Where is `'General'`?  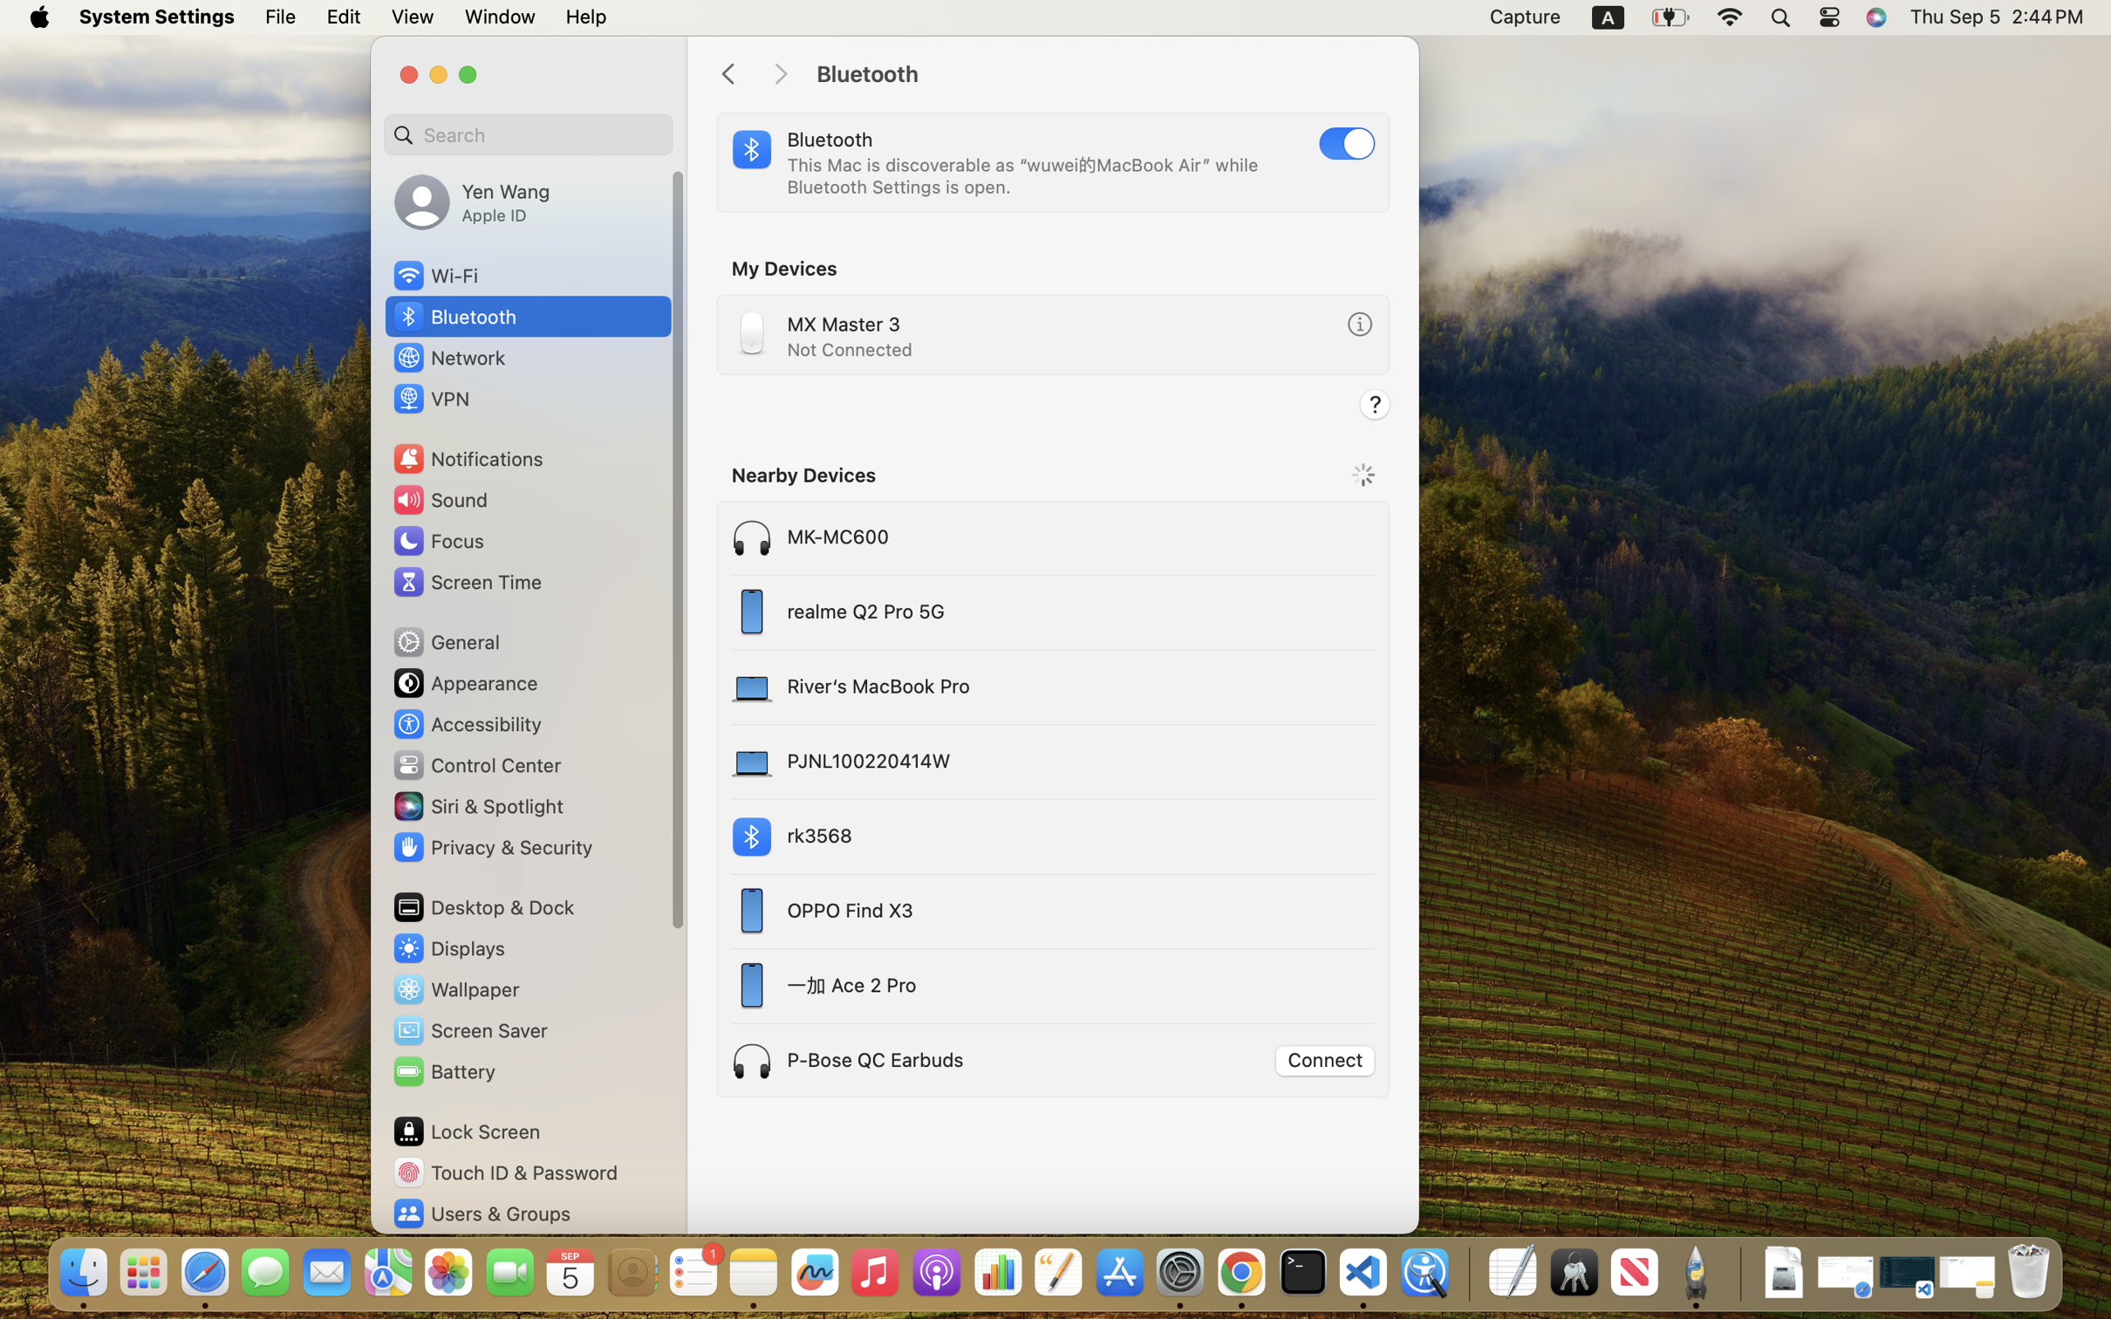
'General' is located at coordinates (444, 641).